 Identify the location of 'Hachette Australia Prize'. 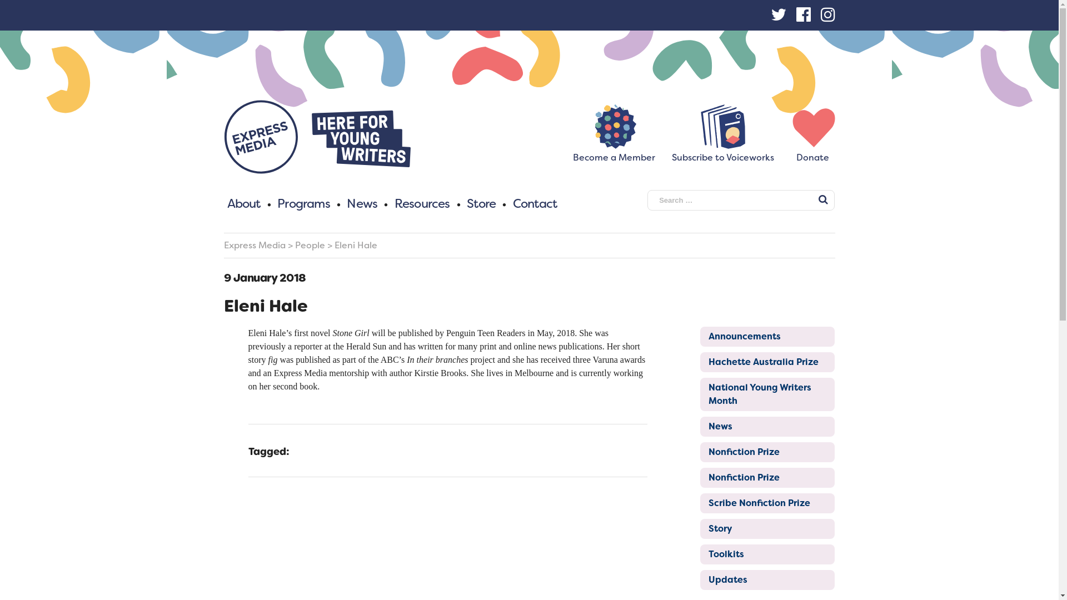
(699, 362).